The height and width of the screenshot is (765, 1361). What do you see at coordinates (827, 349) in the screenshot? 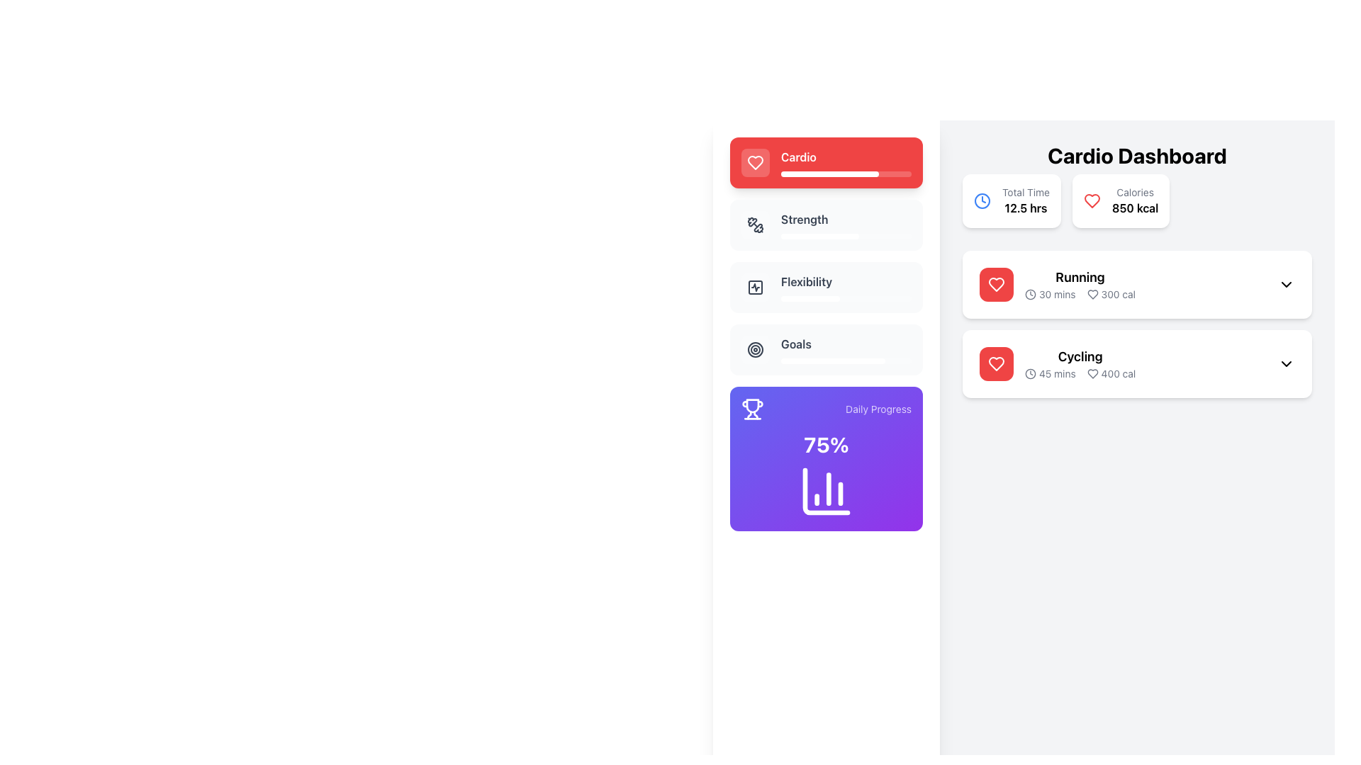
I see `the navigation component that is the third item in the vertical menu, following 'Strength' and 'Flexibility', and preceding 'Daily Progress' for keyboard navigation` at bounding box center [827, 349].